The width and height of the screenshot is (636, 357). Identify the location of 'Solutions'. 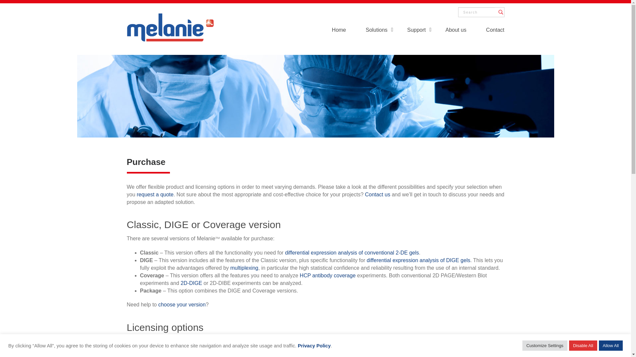
(377, 31).